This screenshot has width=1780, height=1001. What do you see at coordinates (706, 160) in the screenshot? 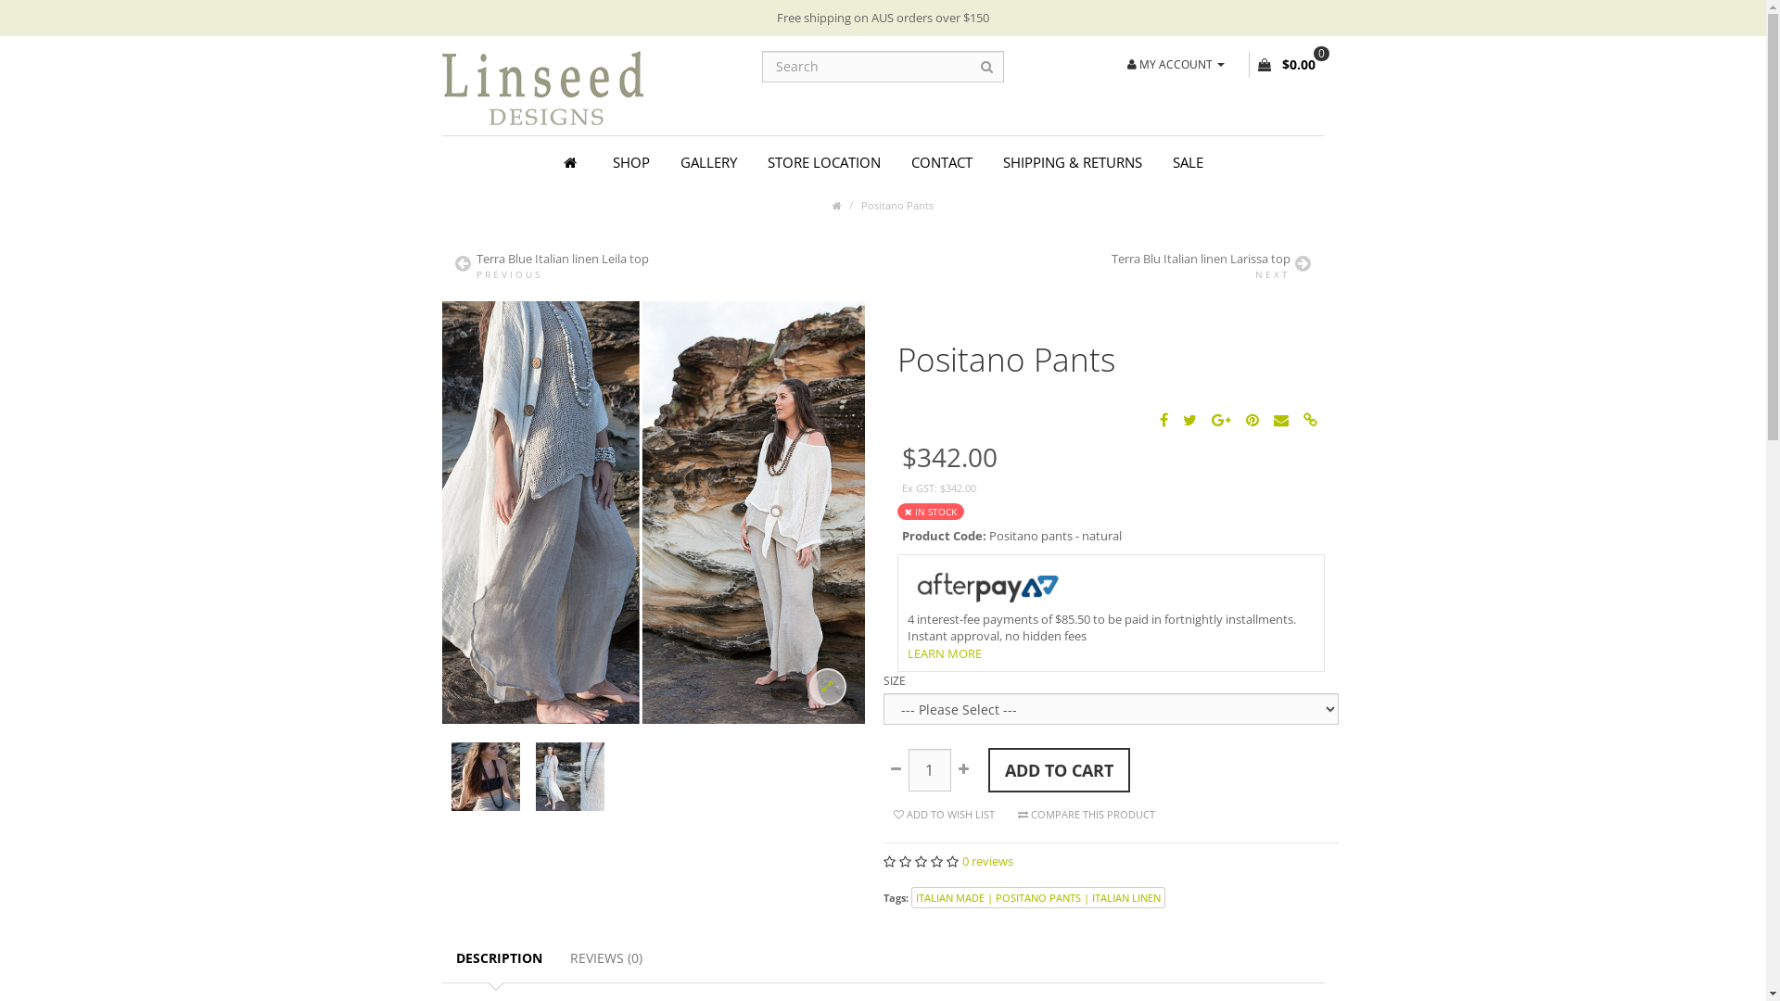
I see `'GALLERY'` at bounding box center [706, 160].